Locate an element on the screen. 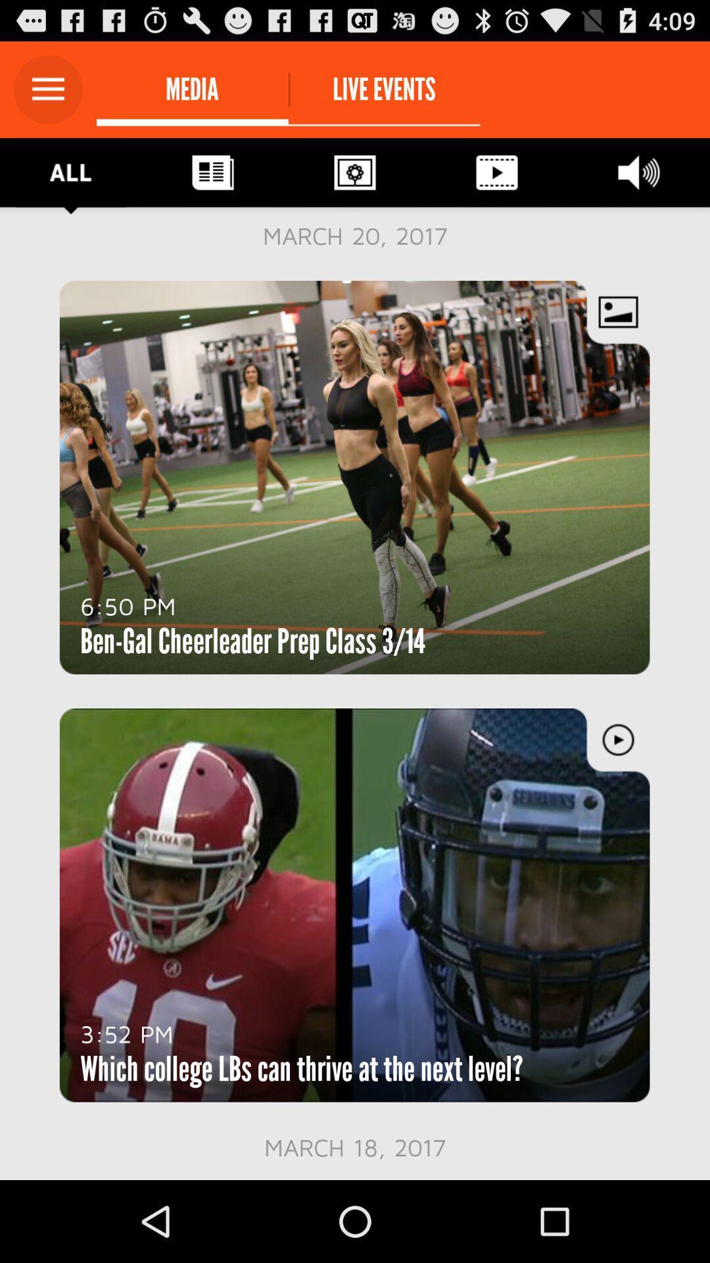  the item above march 18, 2017 is located at coordinates (302, 1069).